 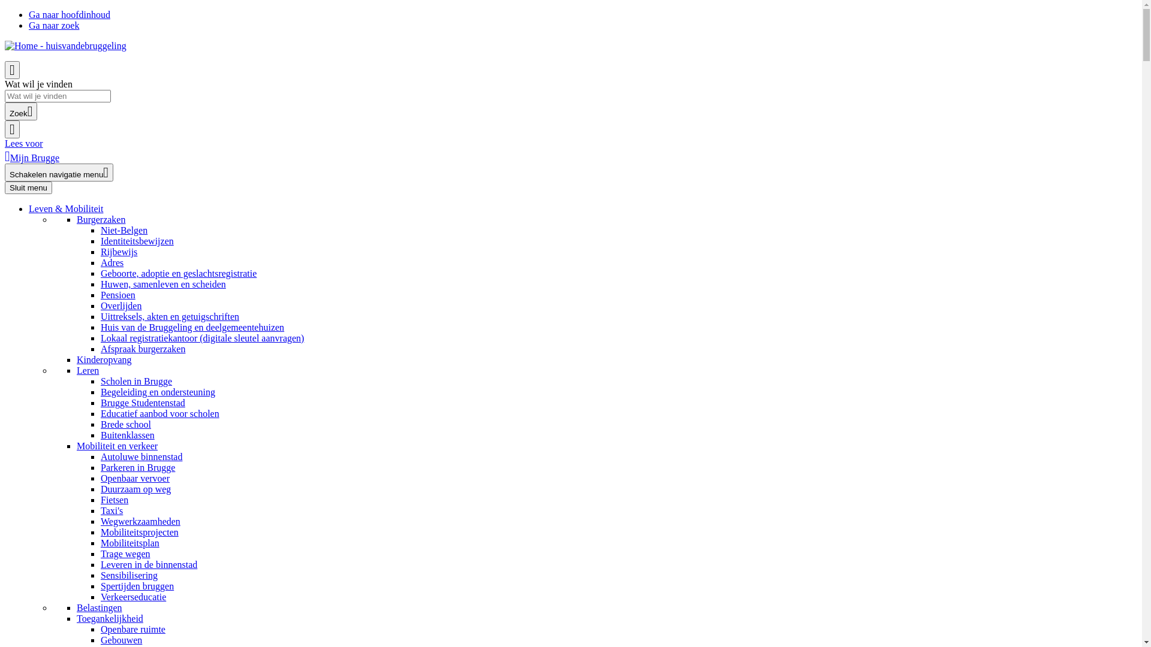 I want to click on 'Parkeren in Brugge', so click(x=138, y=467).